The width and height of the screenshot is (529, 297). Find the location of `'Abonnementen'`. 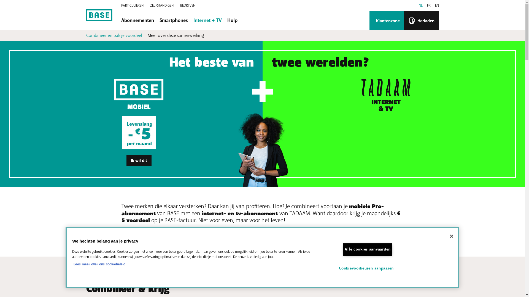

'Abonnementen' is located at coordinates (137, 20).